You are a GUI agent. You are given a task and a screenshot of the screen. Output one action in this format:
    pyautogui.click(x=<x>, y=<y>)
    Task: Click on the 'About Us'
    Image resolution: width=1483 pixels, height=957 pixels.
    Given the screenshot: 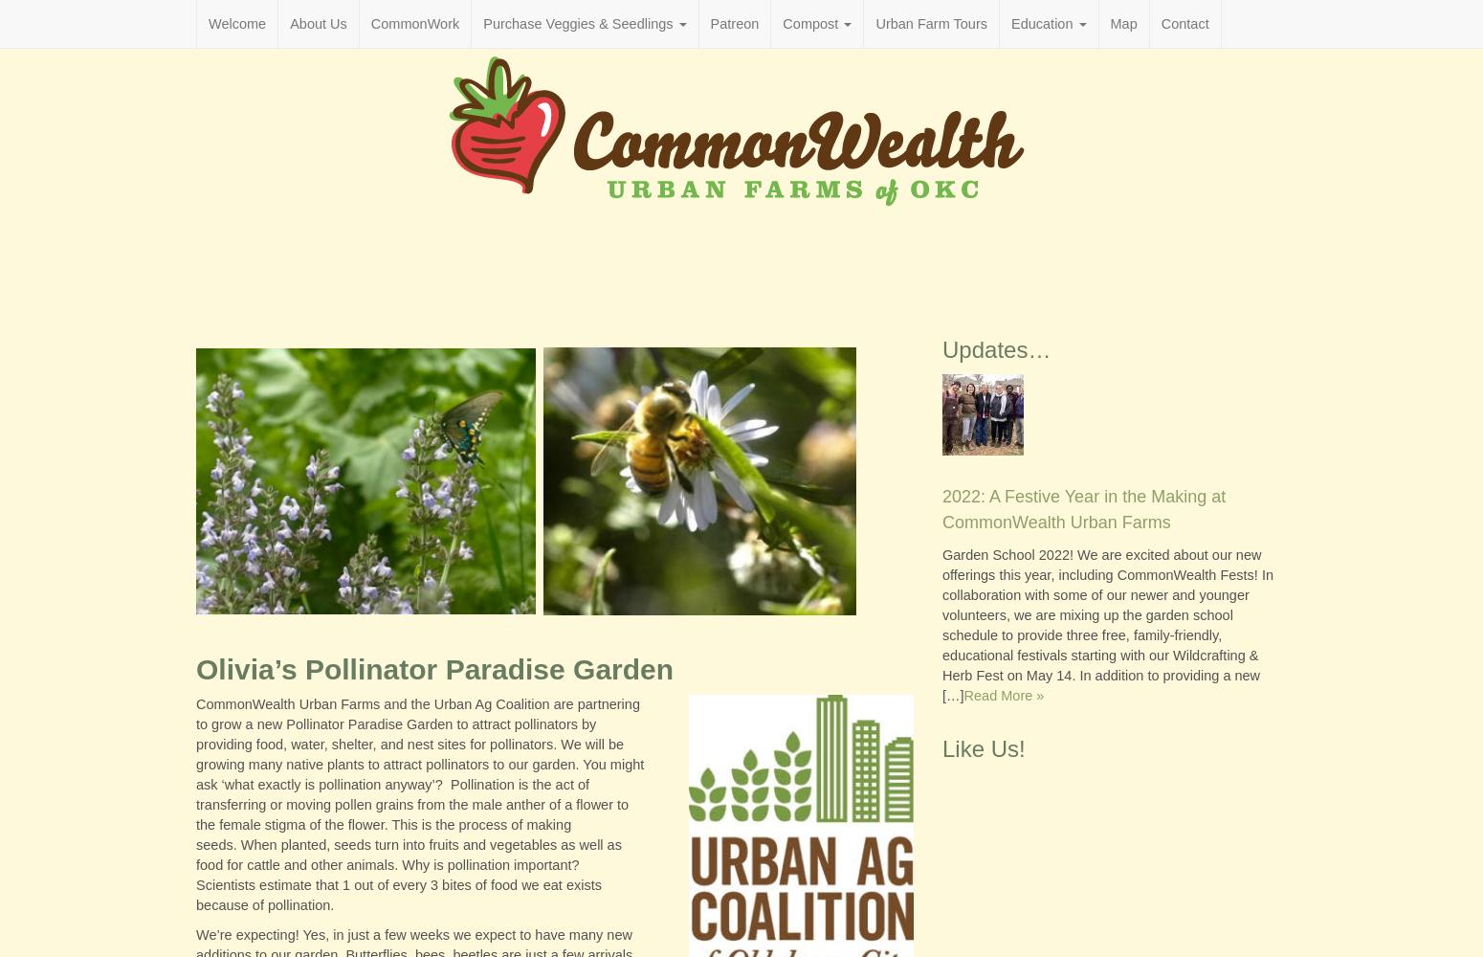 What is the action you would take?
    pyautogui.click(x=317, y=24)
    